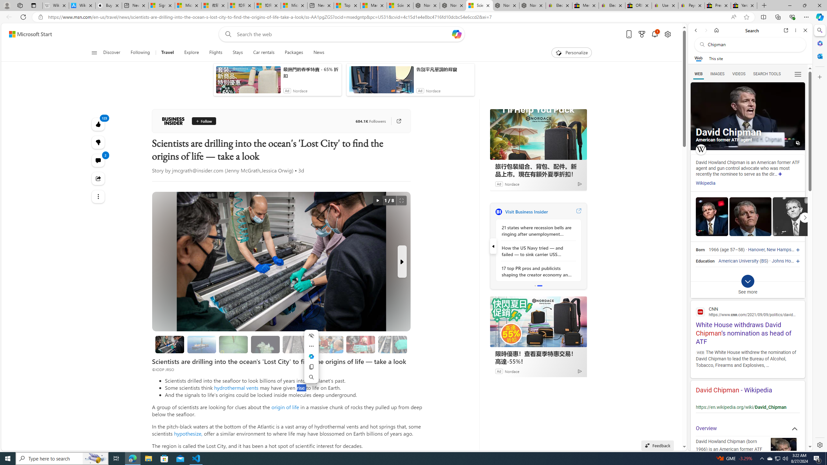  What do you see at coordinates (805, 217) in the screenshot?
I see `'Click to scroll right'` at bounding box center [805, 217].